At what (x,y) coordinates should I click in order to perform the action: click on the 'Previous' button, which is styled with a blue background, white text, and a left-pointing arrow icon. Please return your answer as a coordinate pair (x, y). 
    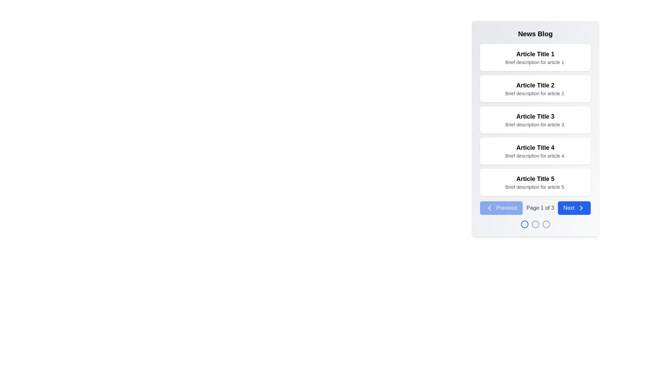
    Looking at the image, I should click on (501, 207).